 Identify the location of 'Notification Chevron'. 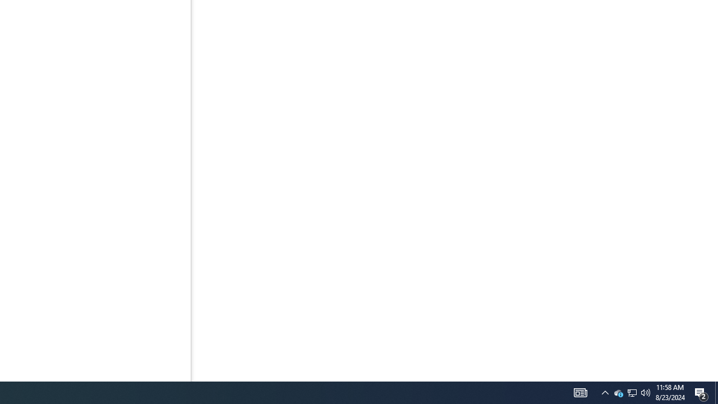
(605, 392).